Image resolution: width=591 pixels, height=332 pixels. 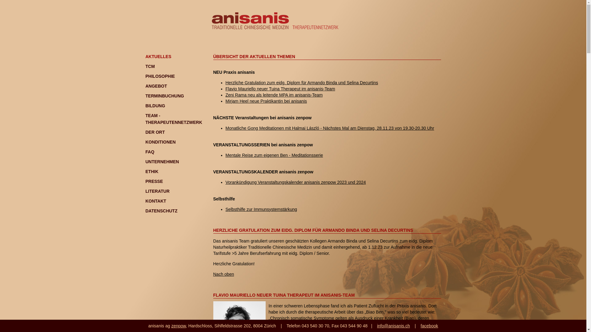 What do you see at coordinates (145, 96) in the screenshot?
I see `'TERMINBUCHUNG'` at bounding box center [145, 96].